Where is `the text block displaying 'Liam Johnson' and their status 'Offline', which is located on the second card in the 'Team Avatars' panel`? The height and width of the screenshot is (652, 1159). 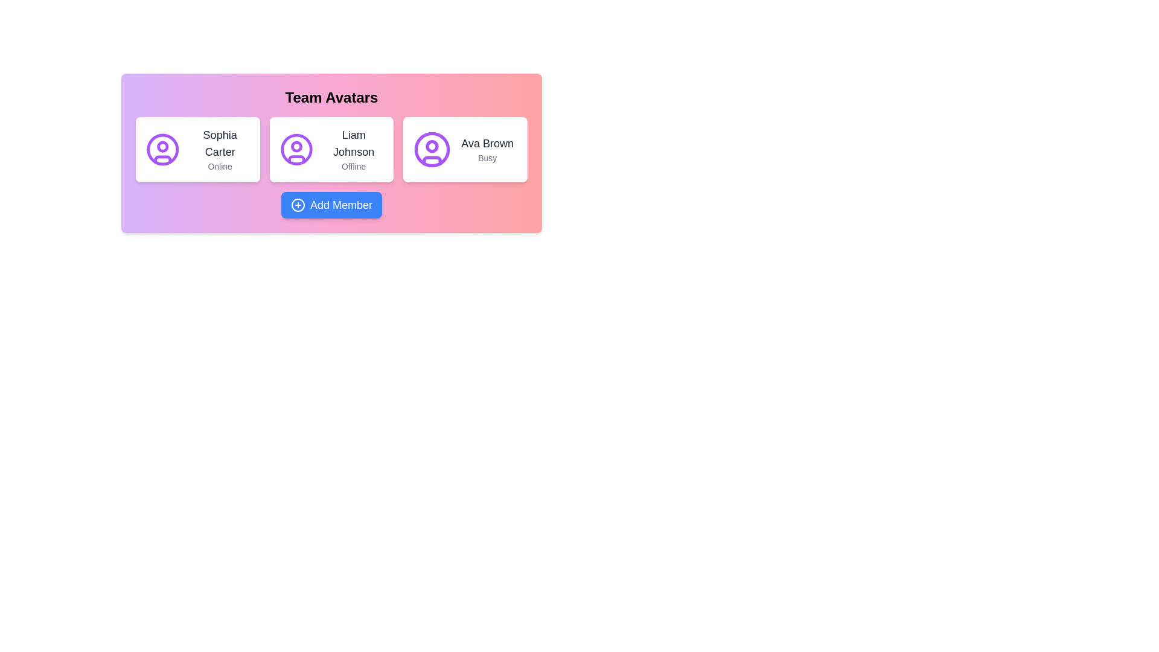 the text block displaying 'Liam Johnson' and their status 'Offline', which is located on the second card in the 'Team Avatars' panel is located at coordinates (353, 149).